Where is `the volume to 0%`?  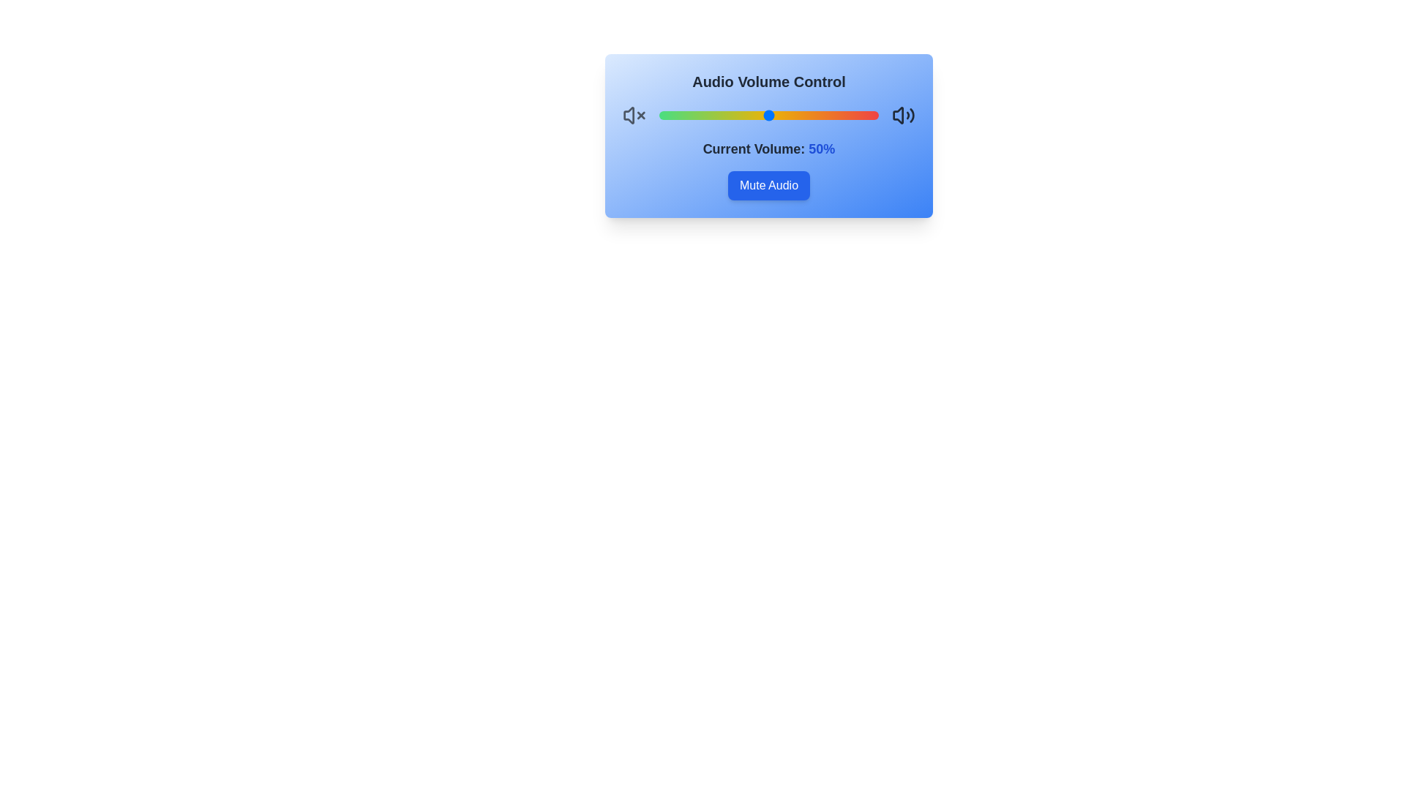 the volume to 0% is located at coordinates (659, 115).